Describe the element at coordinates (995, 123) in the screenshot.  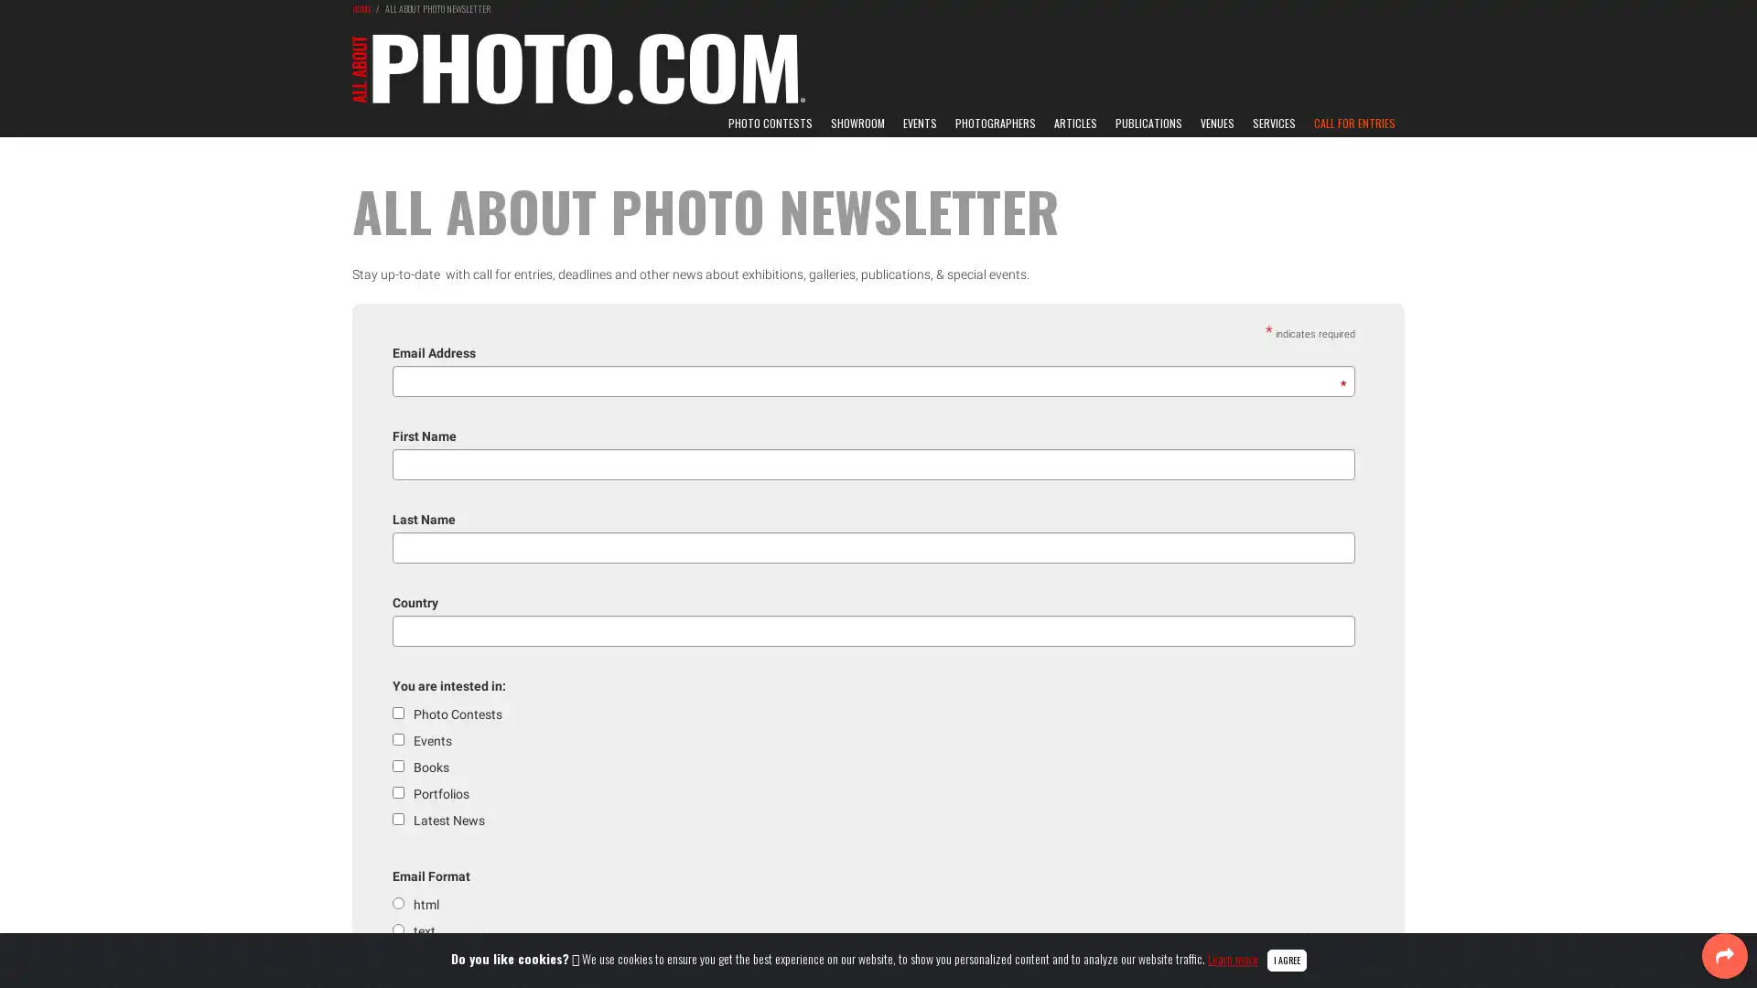
I see `PHOTOGRAPHERS` at that location.